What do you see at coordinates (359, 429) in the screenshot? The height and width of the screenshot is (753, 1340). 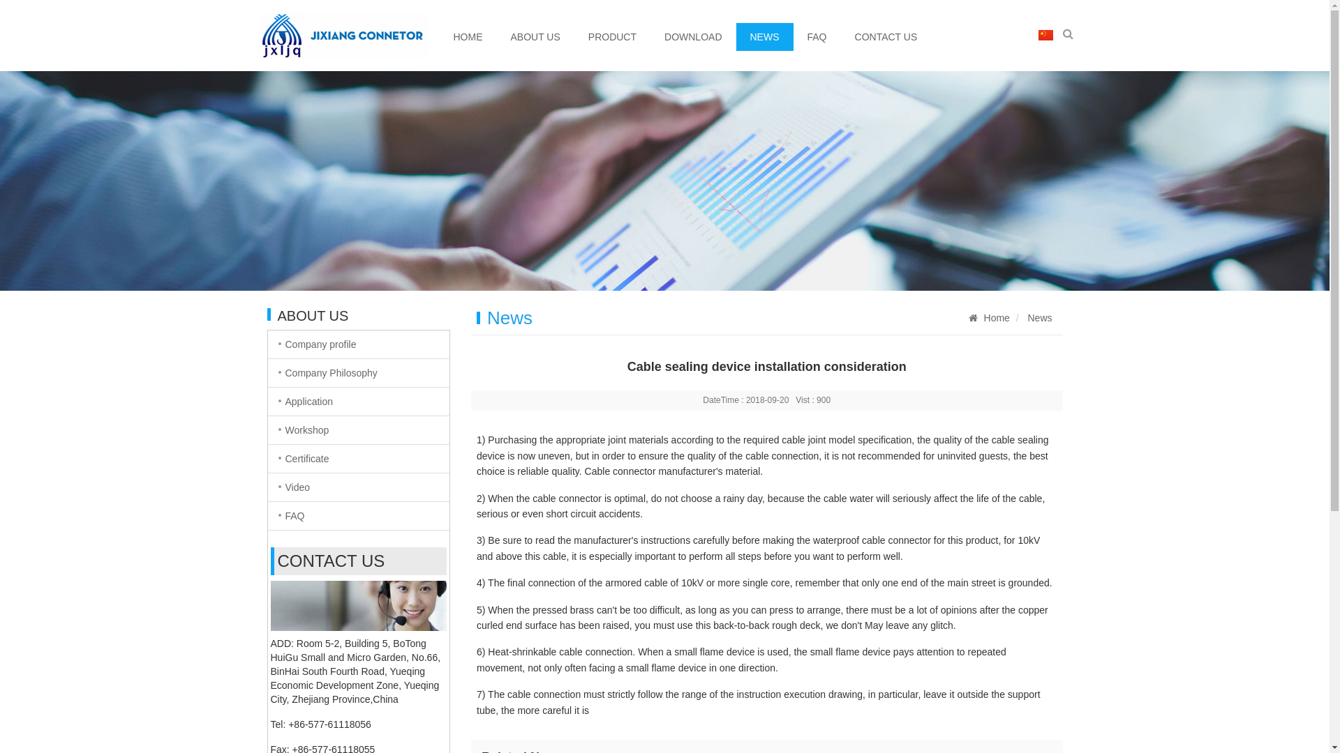 I see `'Workshop'` at bounding box center [359, 429].